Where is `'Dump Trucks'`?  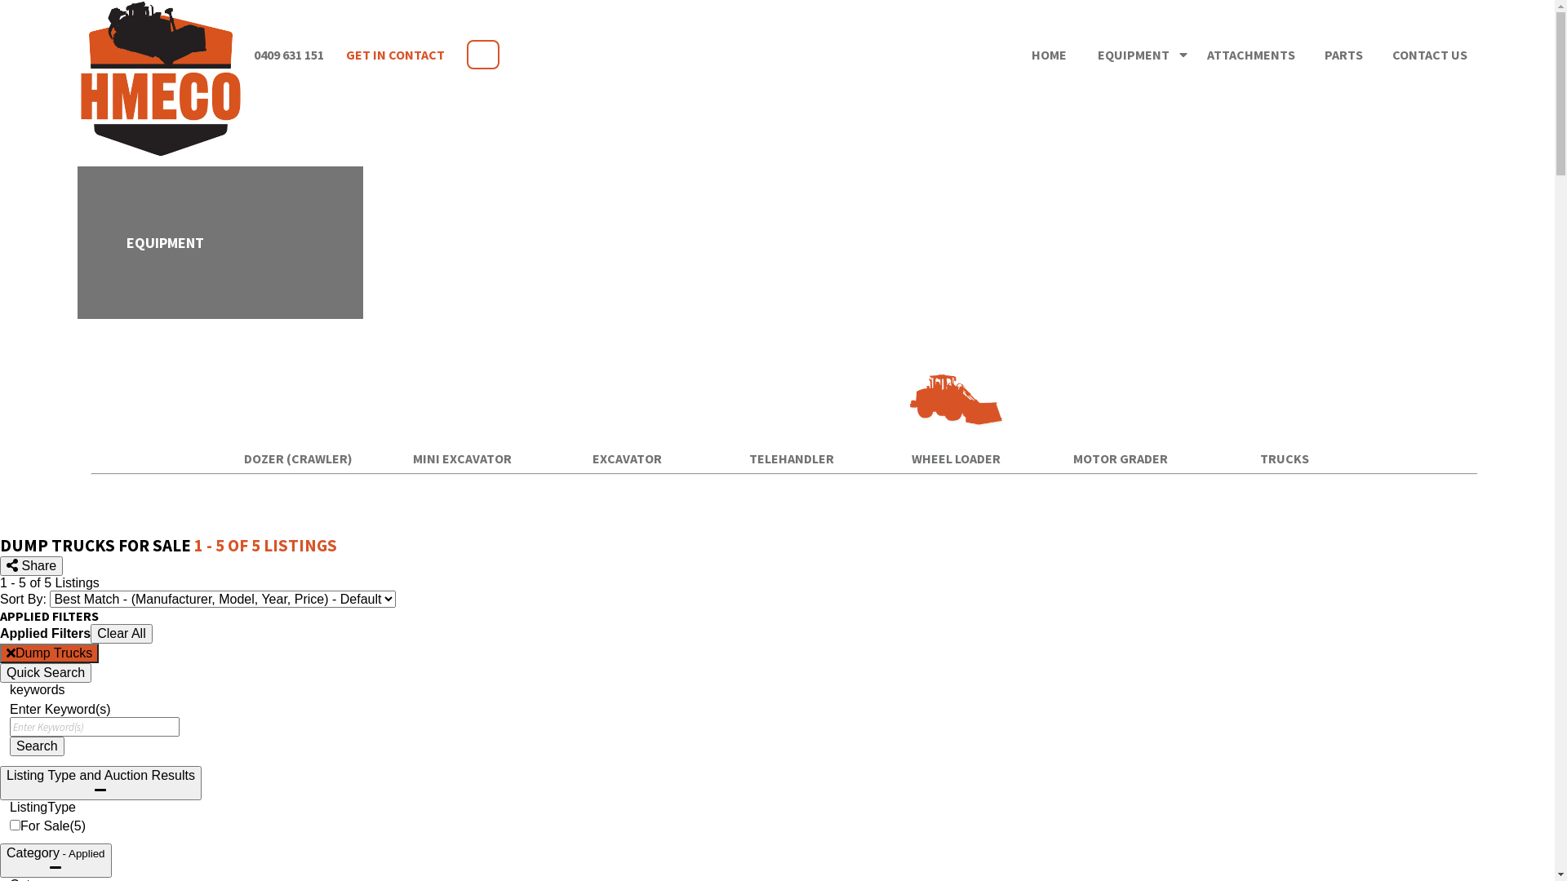 'Dump Trucks' is located at coordinates (49, 653).